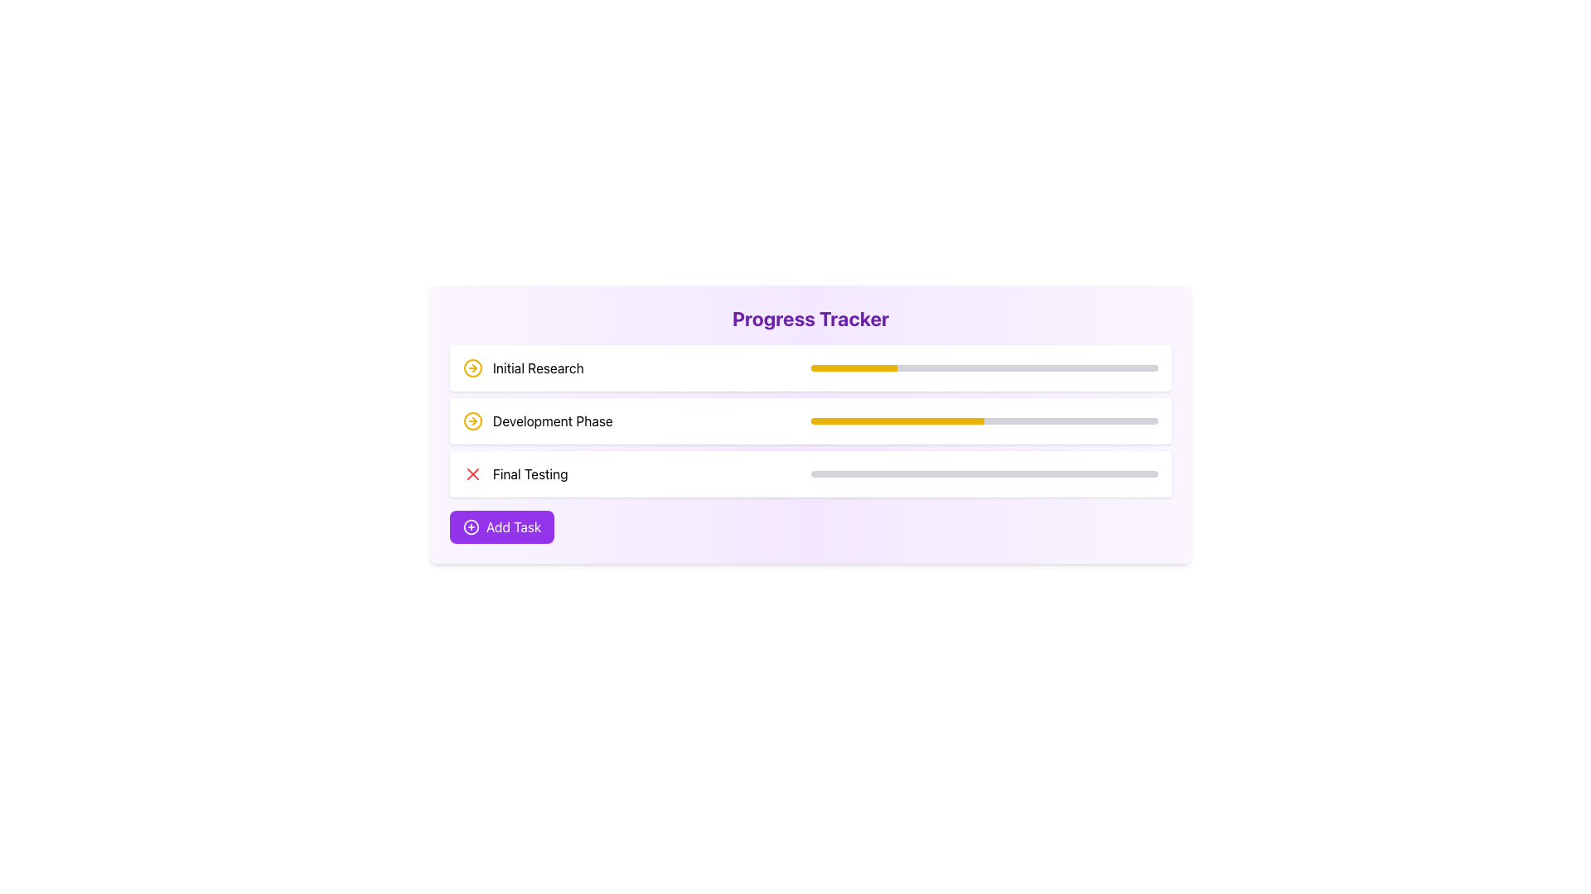  I want to click on text from the second text label in the progress tracker, which indicates the current stage of development, positioned between 'Initial Research' and 'Final Testing', so click(553, 421).